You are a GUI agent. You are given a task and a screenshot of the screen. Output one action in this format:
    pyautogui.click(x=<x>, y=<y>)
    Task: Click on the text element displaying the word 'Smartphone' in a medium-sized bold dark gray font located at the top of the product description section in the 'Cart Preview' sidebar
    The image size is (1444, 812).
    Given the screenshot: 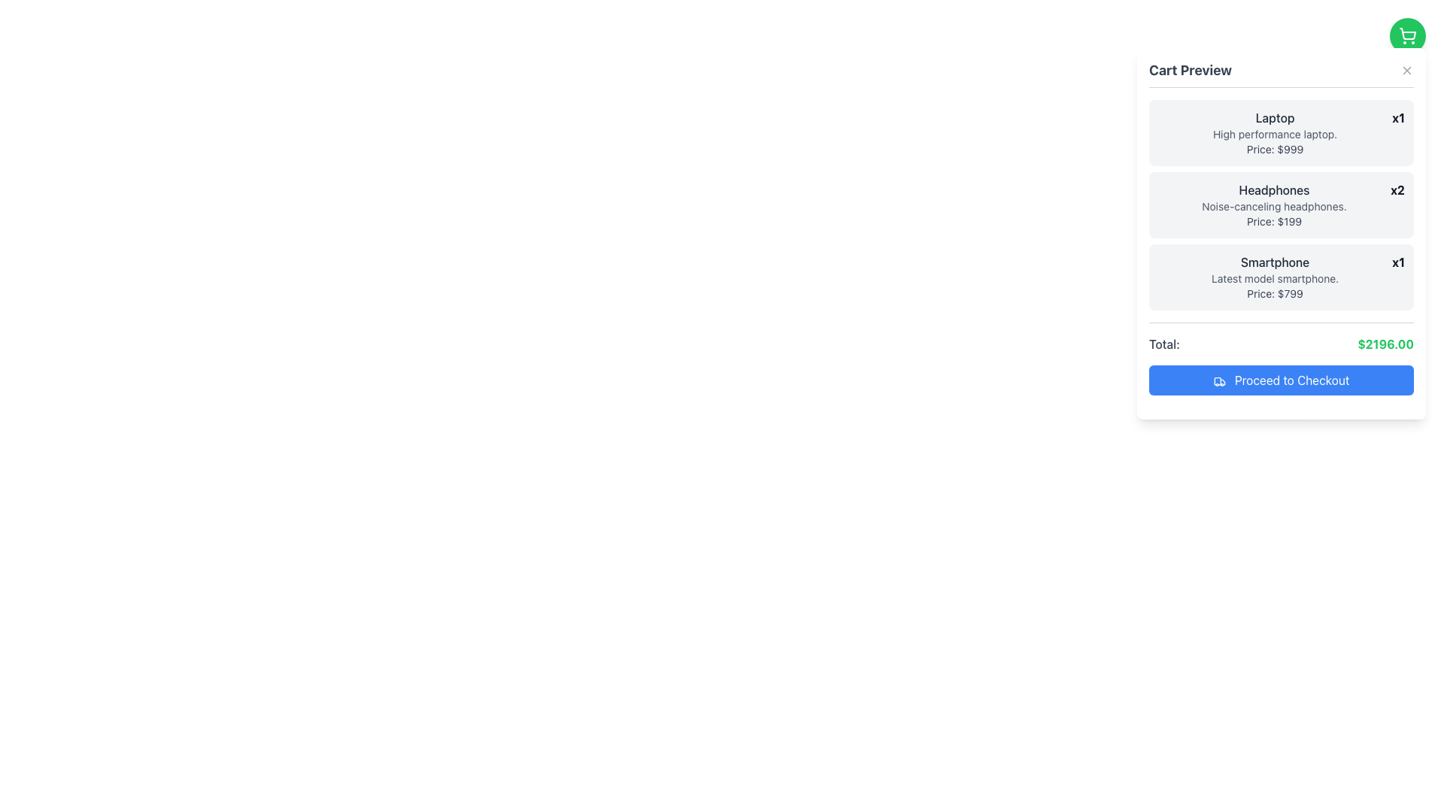 What is the action you would take?
    pyautogui.click(x=1274, y=261)
    